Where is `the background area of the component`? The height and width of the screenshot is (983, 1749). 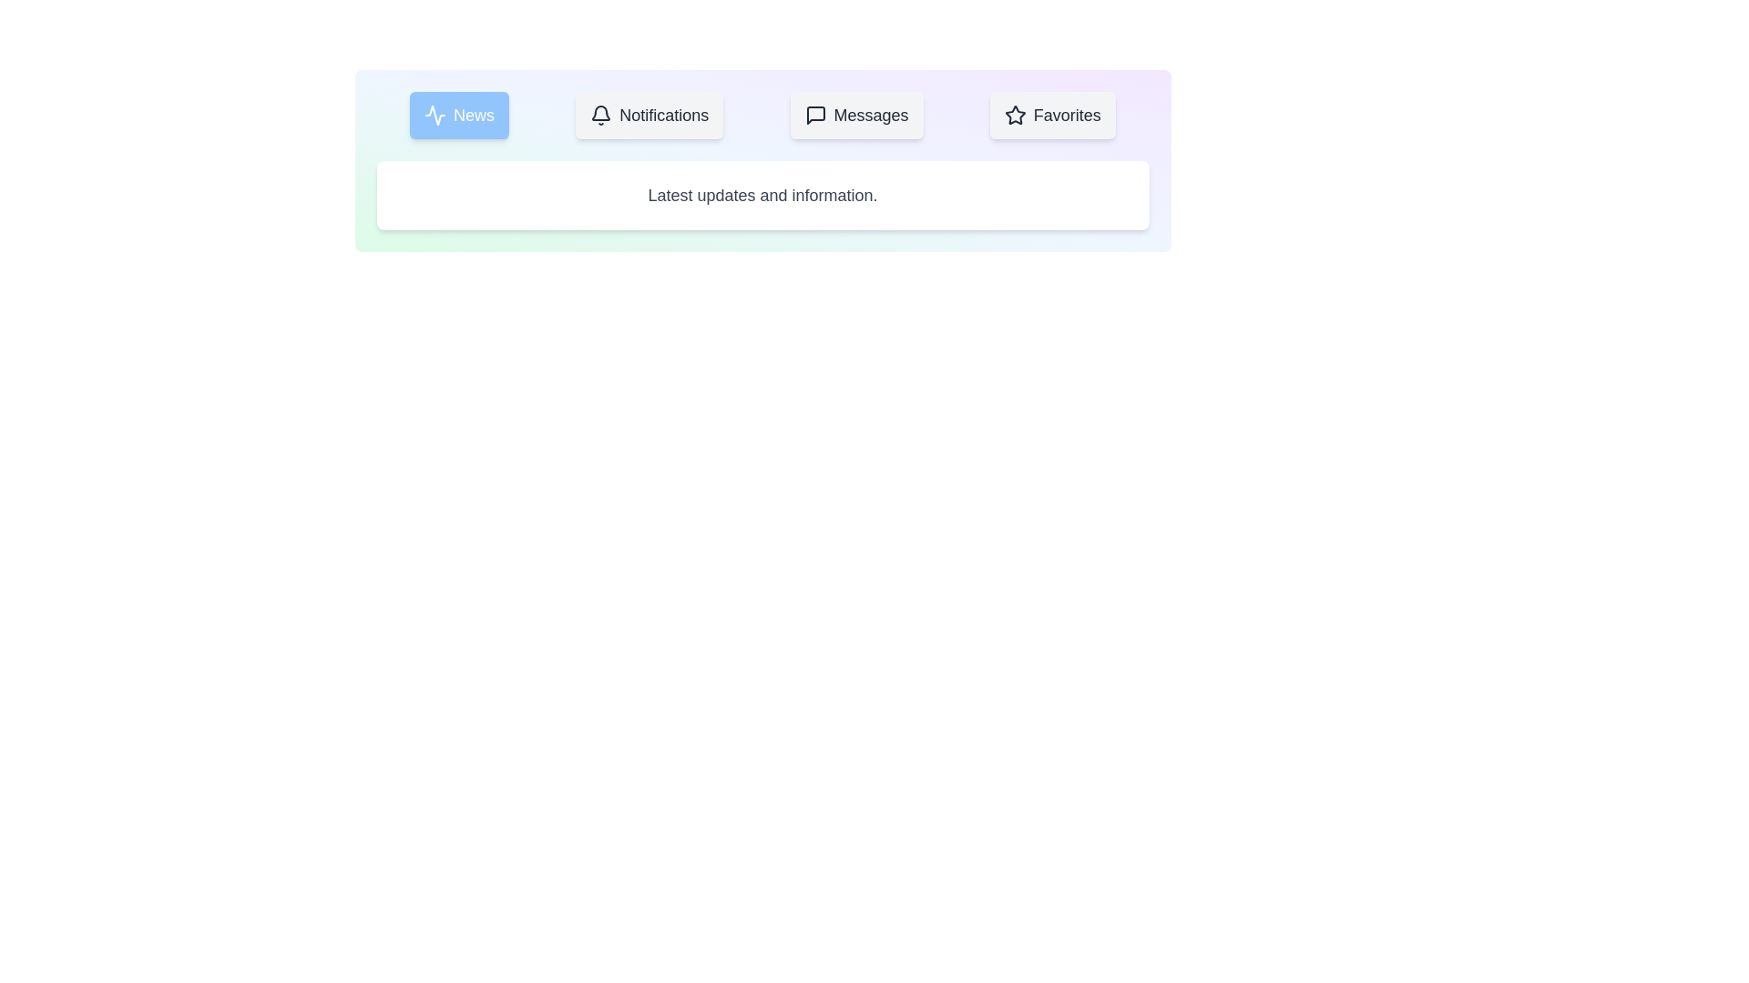
the background area of the component is located at coordinates (699, 454).